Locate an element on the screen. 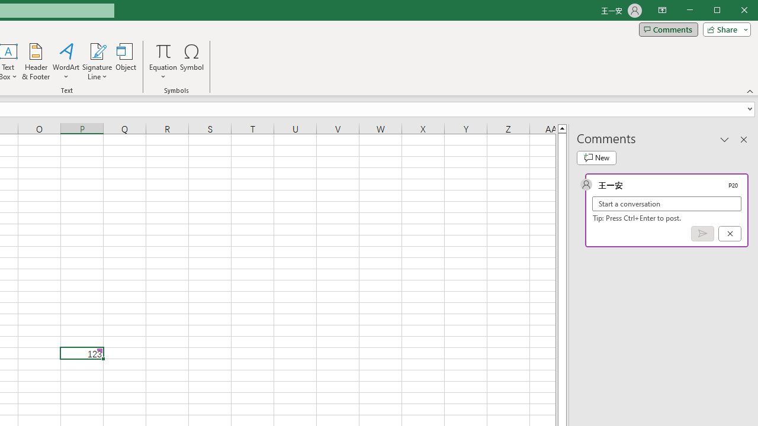  'Symbol...' is located at coordinates (192, 62).